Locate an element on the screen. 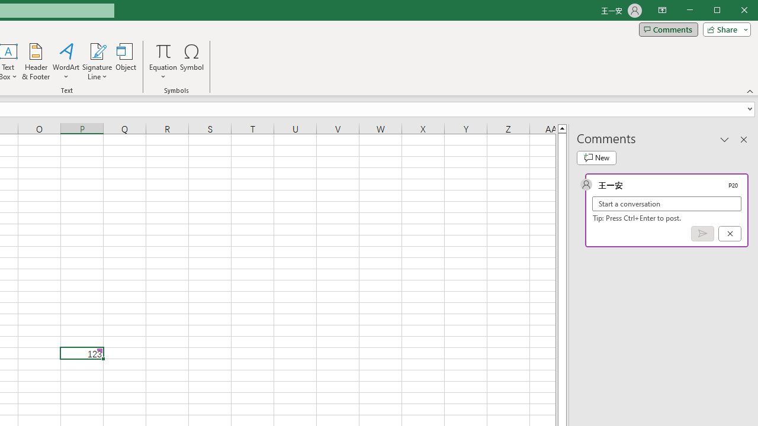  'Symbol...' is located at coordinates (192, 62).